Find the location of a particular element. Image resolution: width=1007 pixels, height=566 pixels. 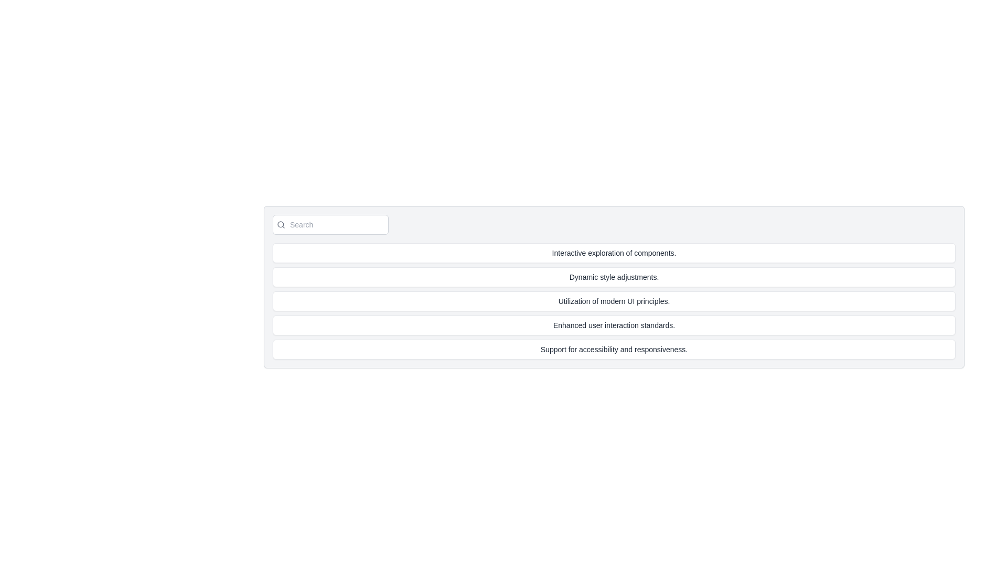

the lowercase letter 'n' in the sentence 'Enhanced user interaction standards.' which is the twenty-first character in the text is located at coordinates (608, 325).